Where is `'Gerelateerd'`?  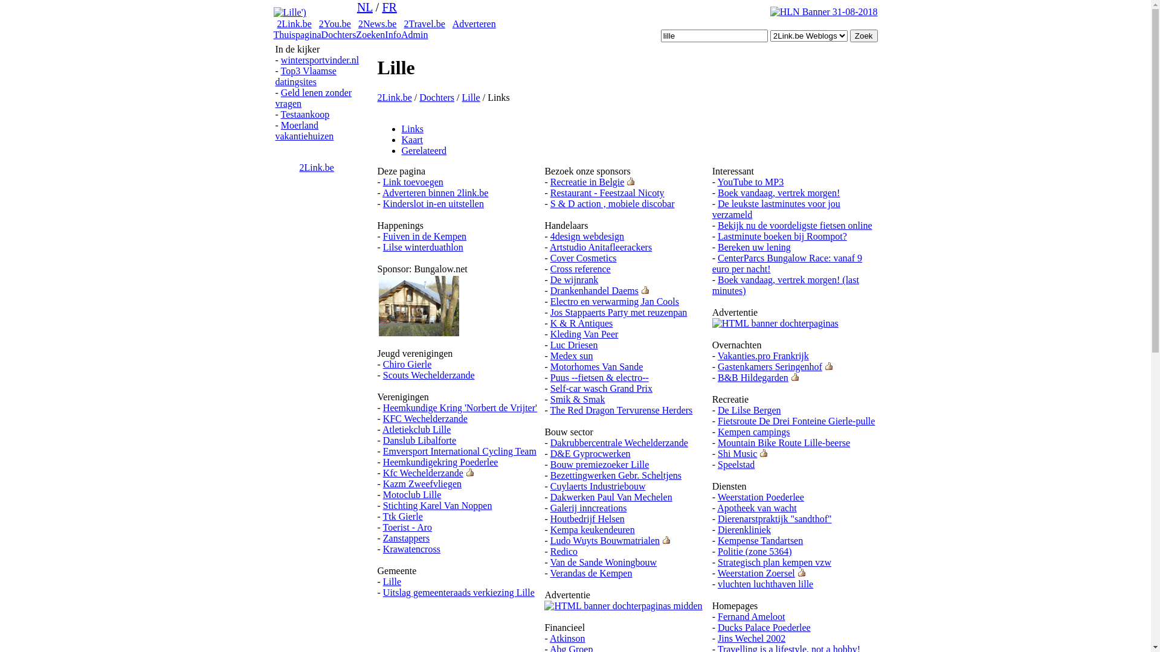
'Gerelateerd' is located at coordinates (424, 150).